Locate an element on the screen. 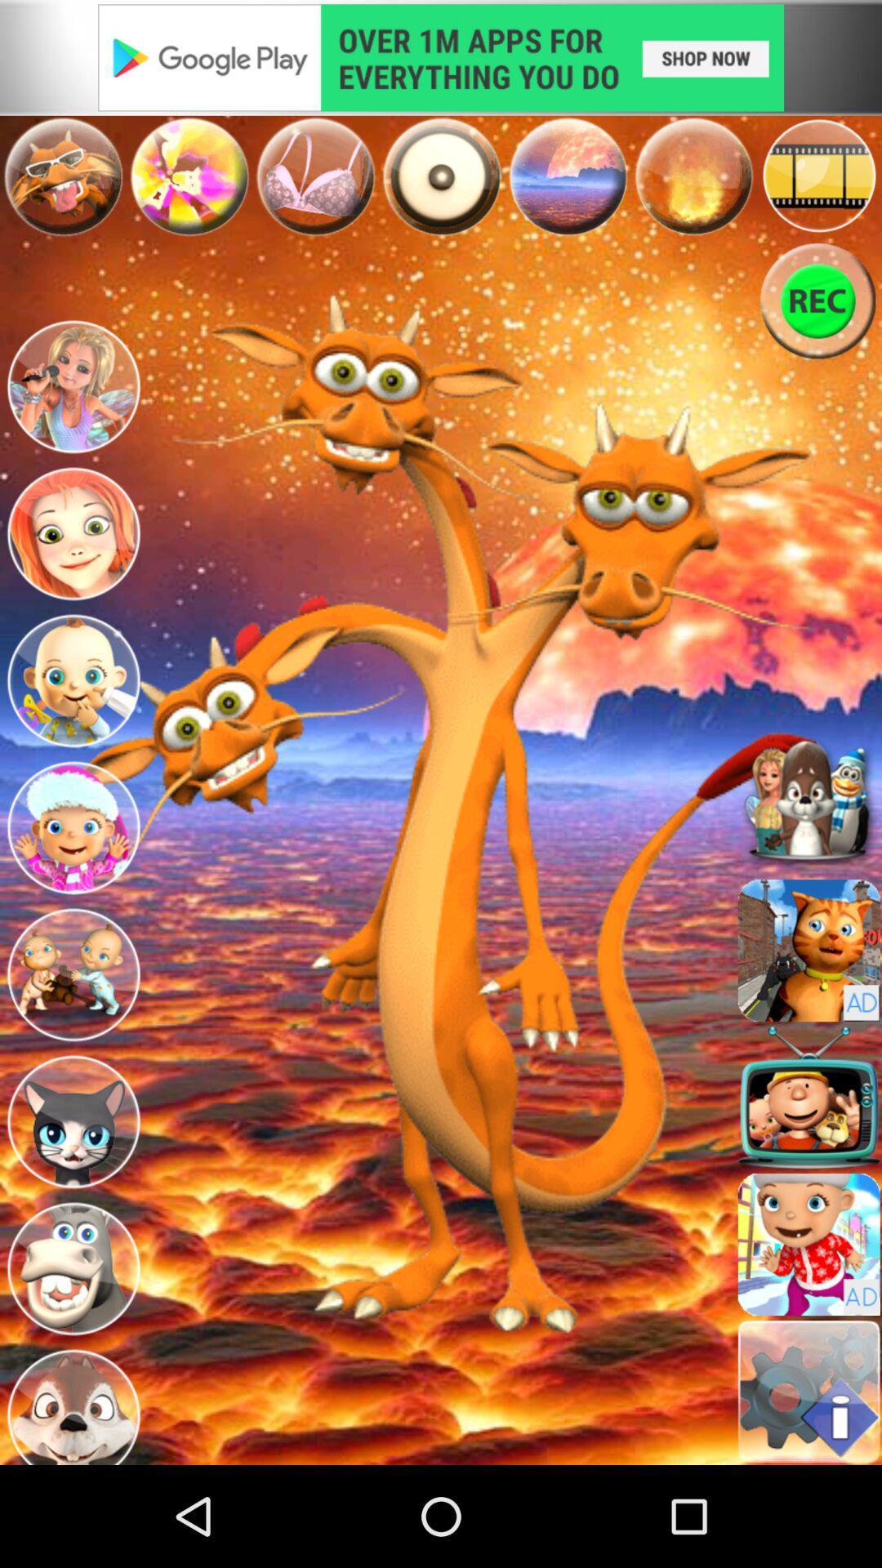 The width and height of the screenshot is (882, 1568). the avatar icon is located at coordinates (72, 1042).